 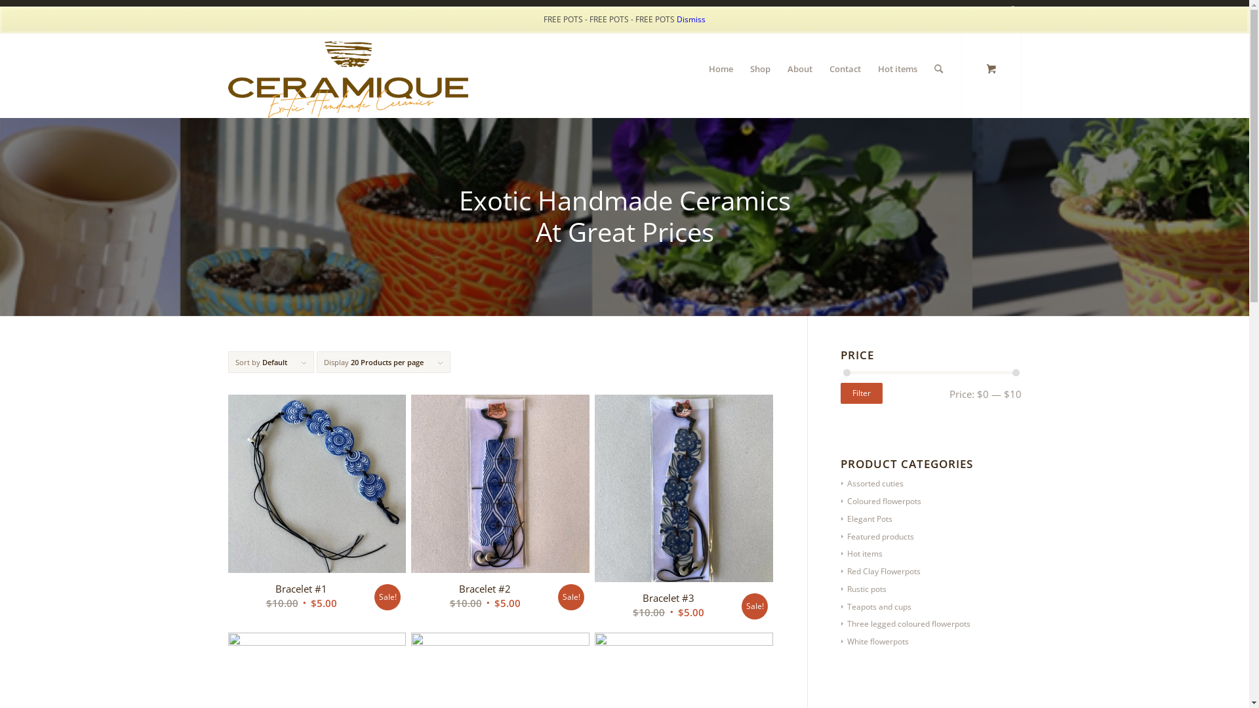 I want to click on 'Elegant Pots', so click(x=866, y=518).